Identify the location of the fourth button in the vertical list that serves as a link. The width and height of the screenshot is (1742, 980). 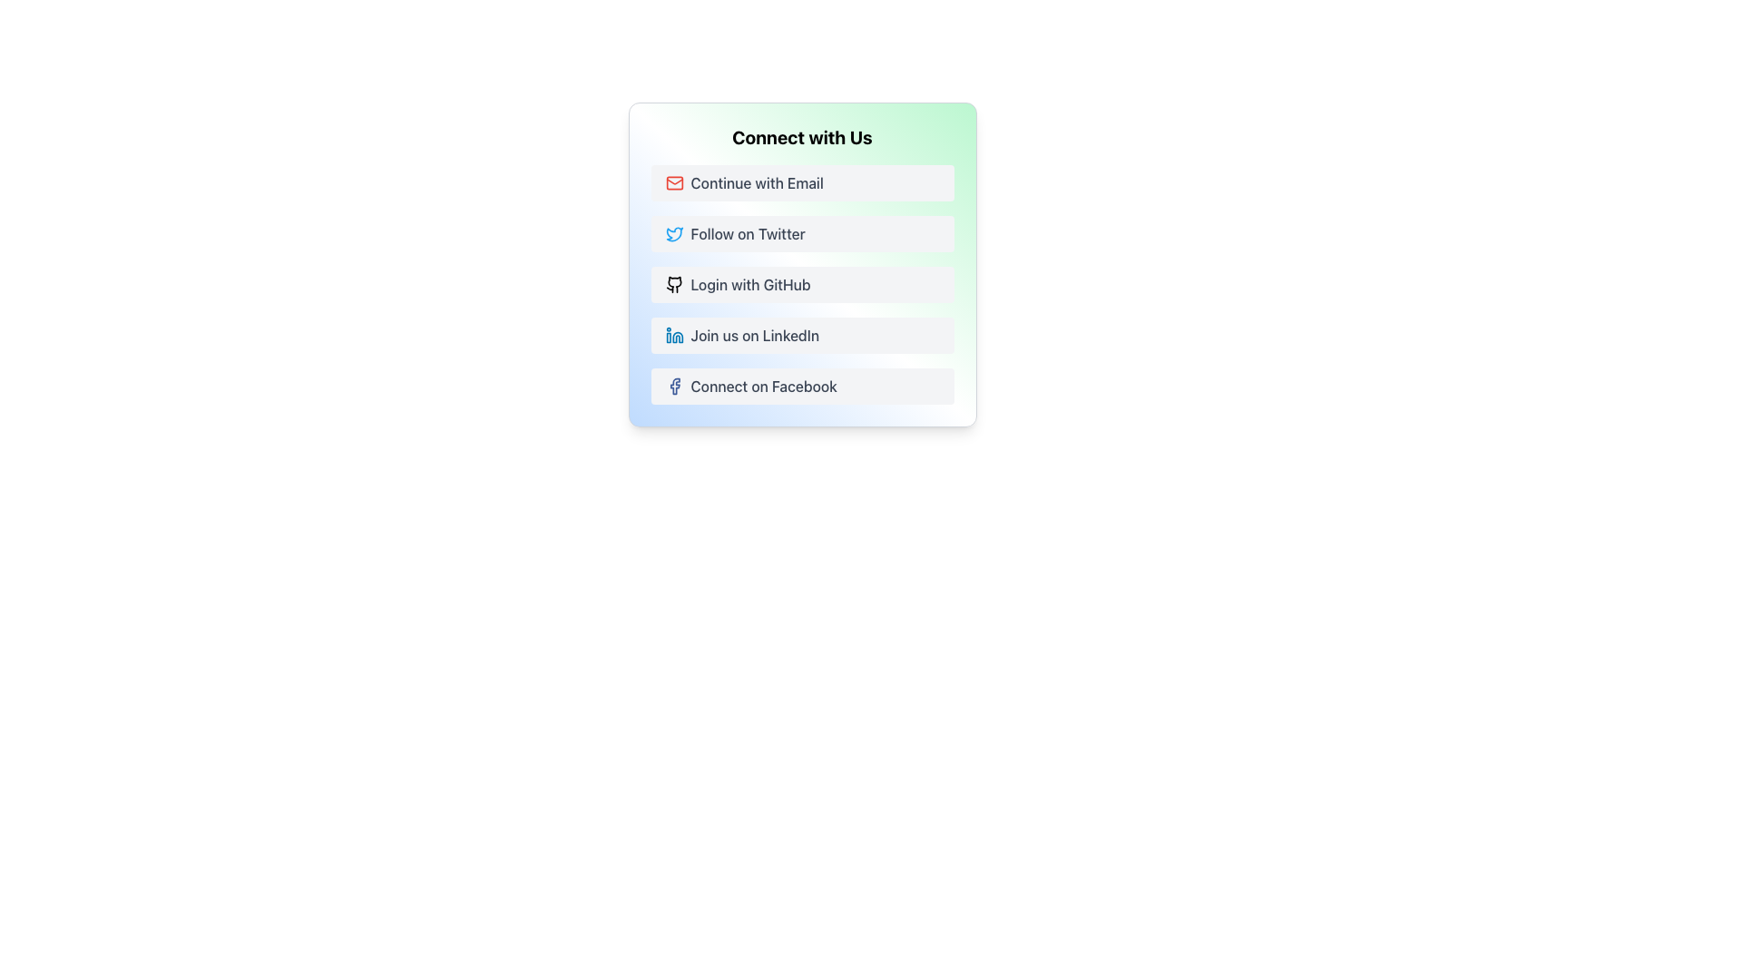
(801, 336).